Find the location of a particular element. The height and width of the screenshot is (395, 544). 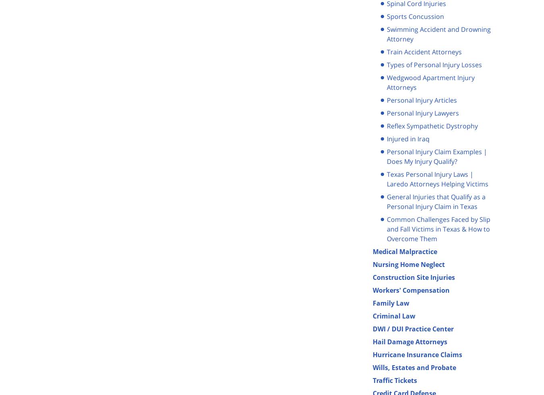

'Injured in Iraq' is located at coordinates (408, 138).